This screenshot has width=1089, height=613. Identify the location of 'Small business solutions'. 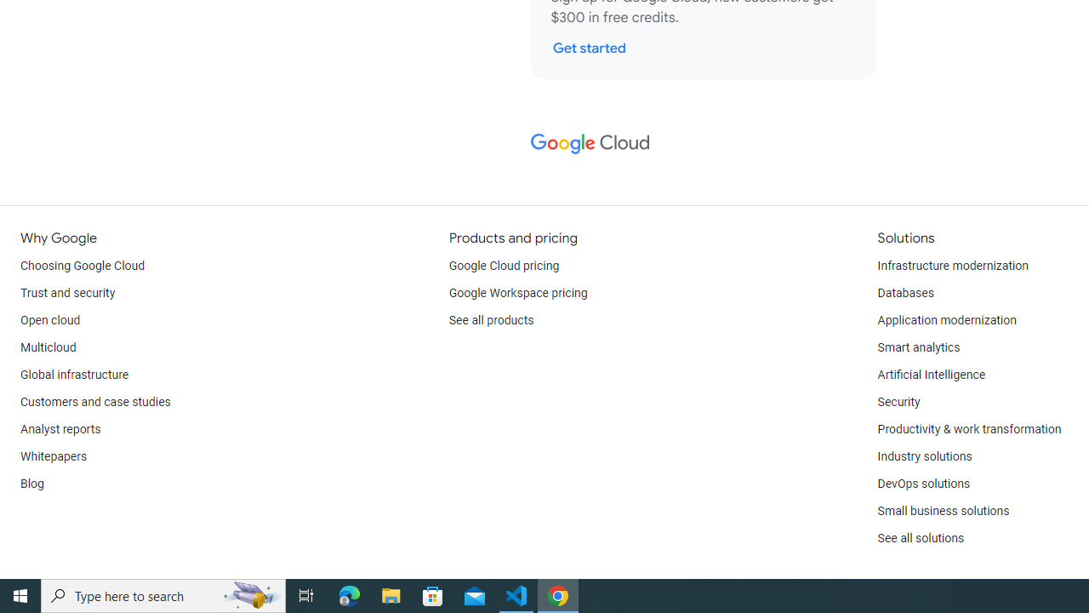
(942, 510).